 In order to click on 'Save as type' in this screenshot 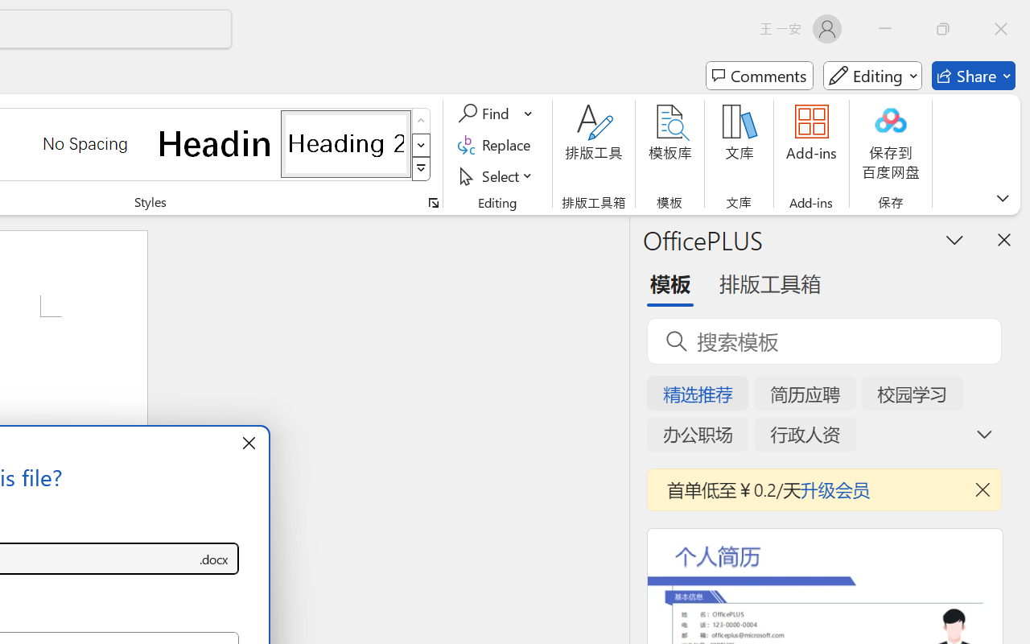, I will do `click(212, 559)`.